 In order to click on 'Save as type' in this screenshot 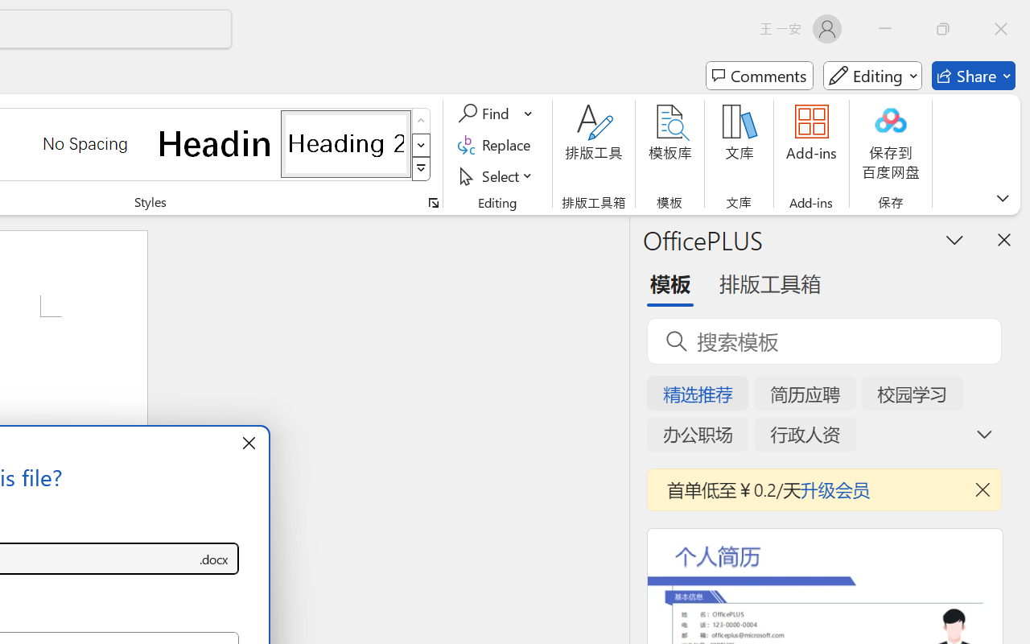, I will do `click(212, 559)`.